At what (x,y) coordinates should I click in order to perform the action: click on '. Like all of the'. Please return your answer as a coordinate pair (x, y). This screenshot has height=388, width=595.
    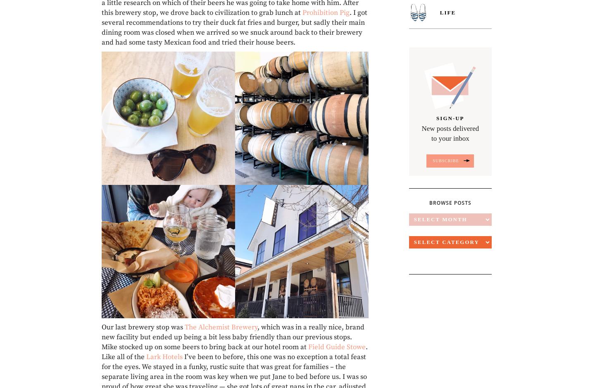
    Looking at the image, I should click on (234, 351).